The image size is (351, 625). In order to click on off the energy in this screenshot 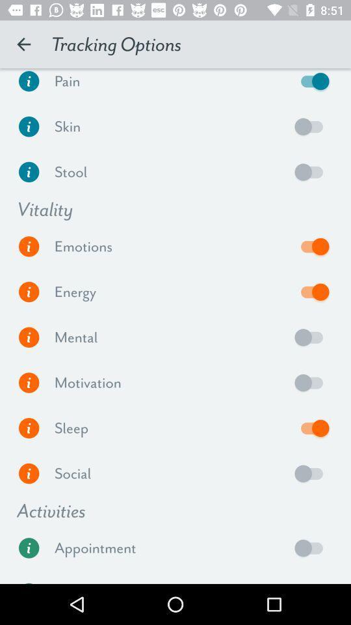, I will do `click(311, 292)`.